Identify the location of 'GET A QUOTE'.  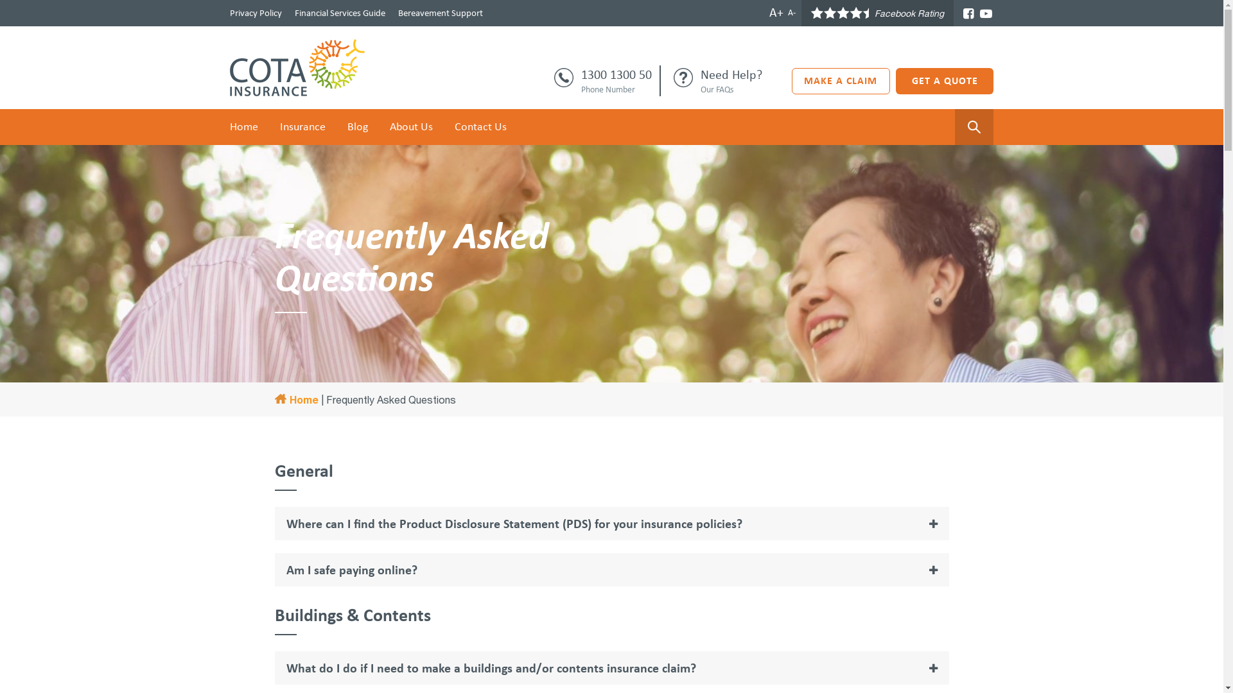
(945, 81).